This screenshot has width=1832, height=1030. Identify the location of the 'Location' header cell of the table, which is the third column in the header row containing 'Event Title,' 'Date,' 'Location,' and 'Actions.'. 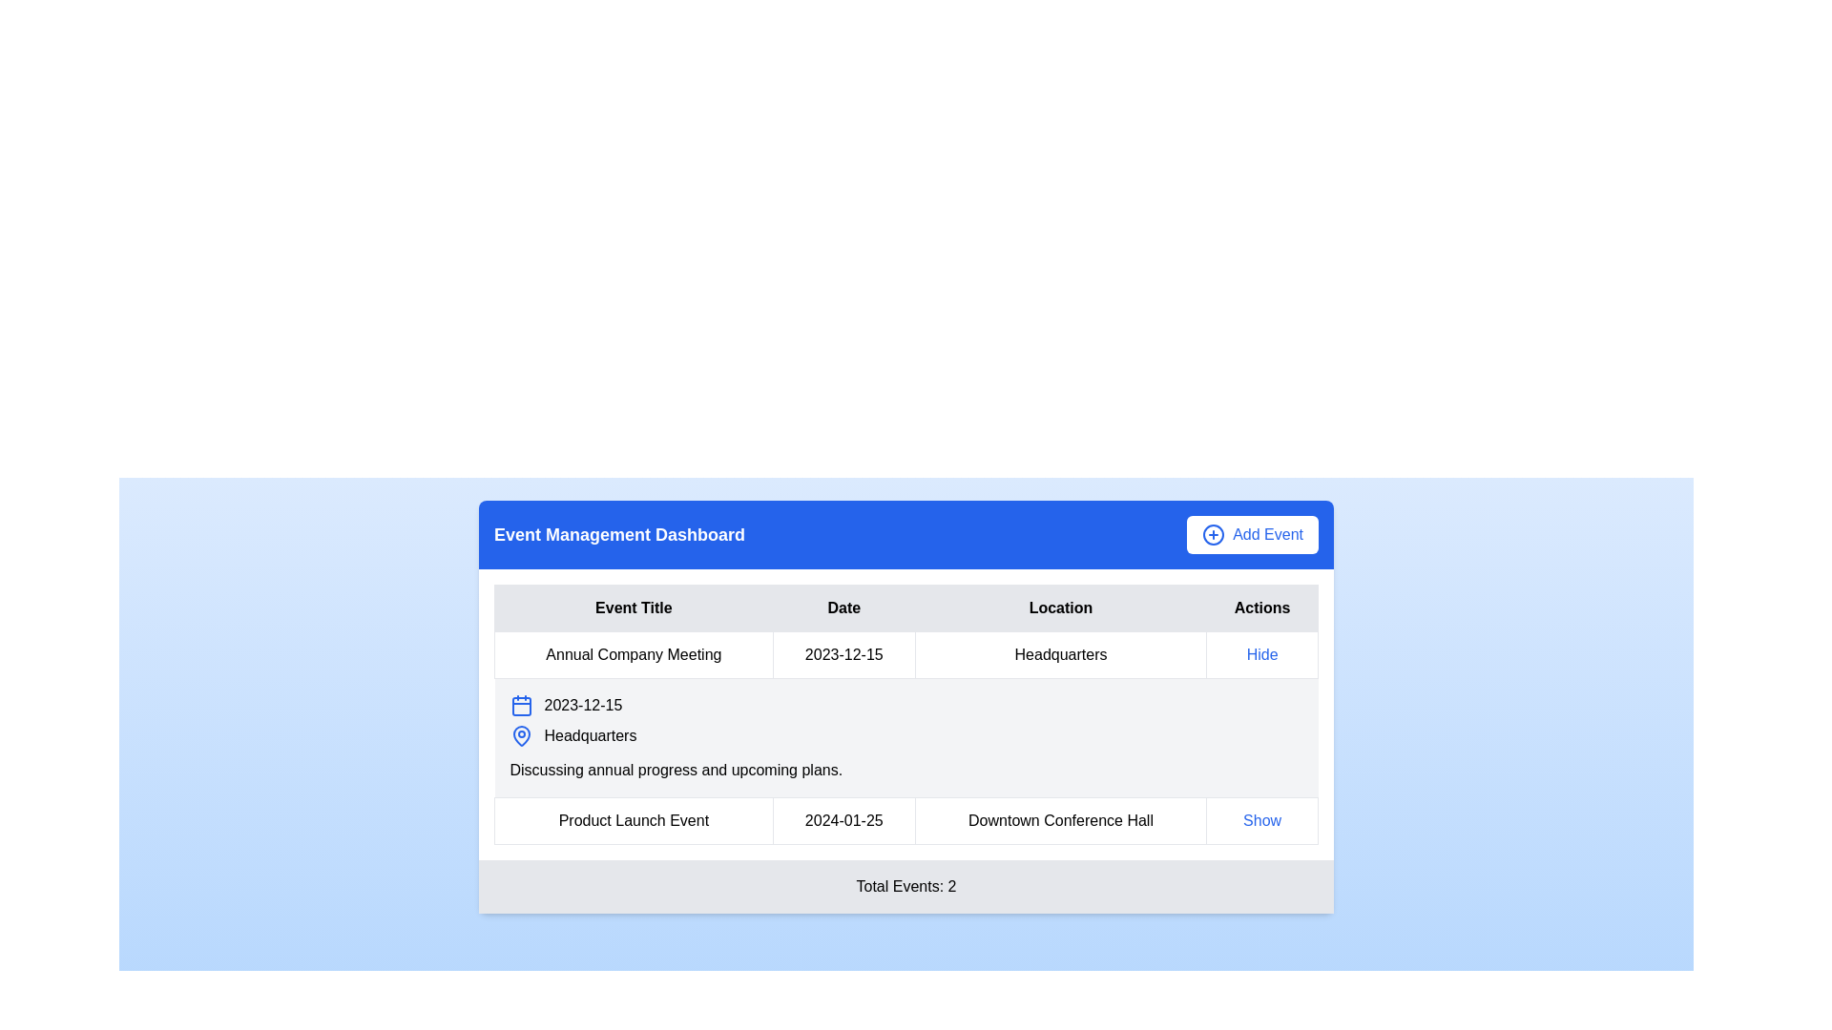
(1060, 608).